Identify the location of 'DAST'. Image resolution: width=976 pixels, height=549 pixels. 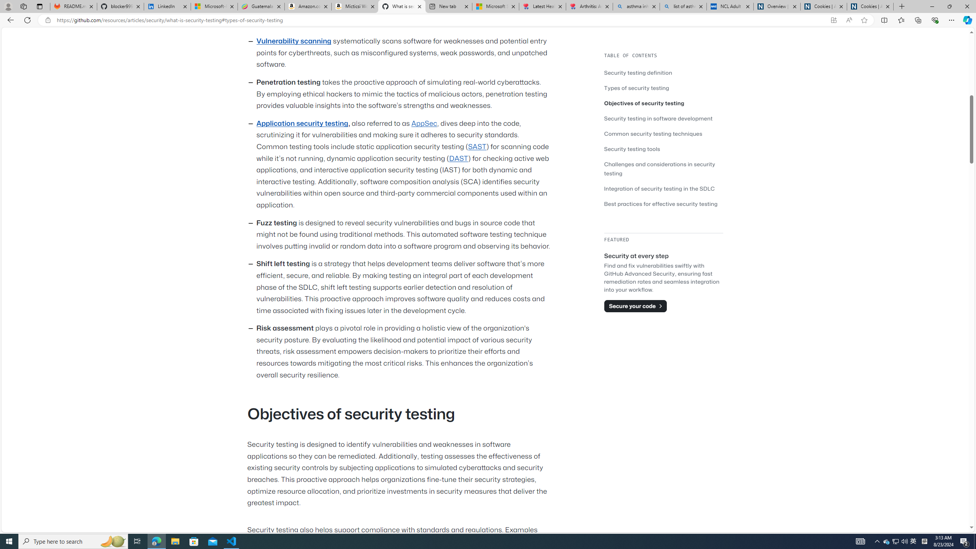
(458, 158).